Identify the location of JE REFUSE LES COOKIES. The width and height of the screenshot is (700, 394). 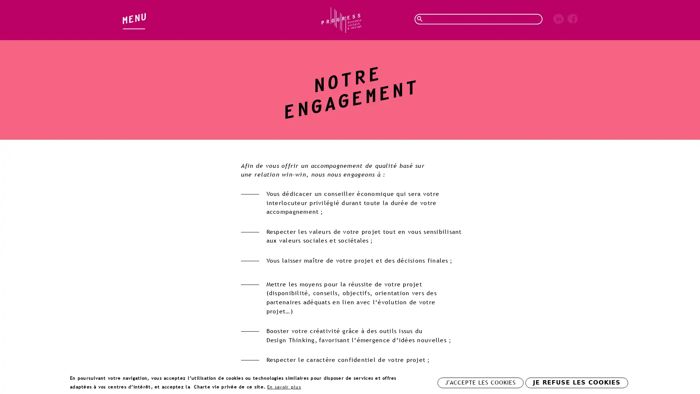
(576, 382).